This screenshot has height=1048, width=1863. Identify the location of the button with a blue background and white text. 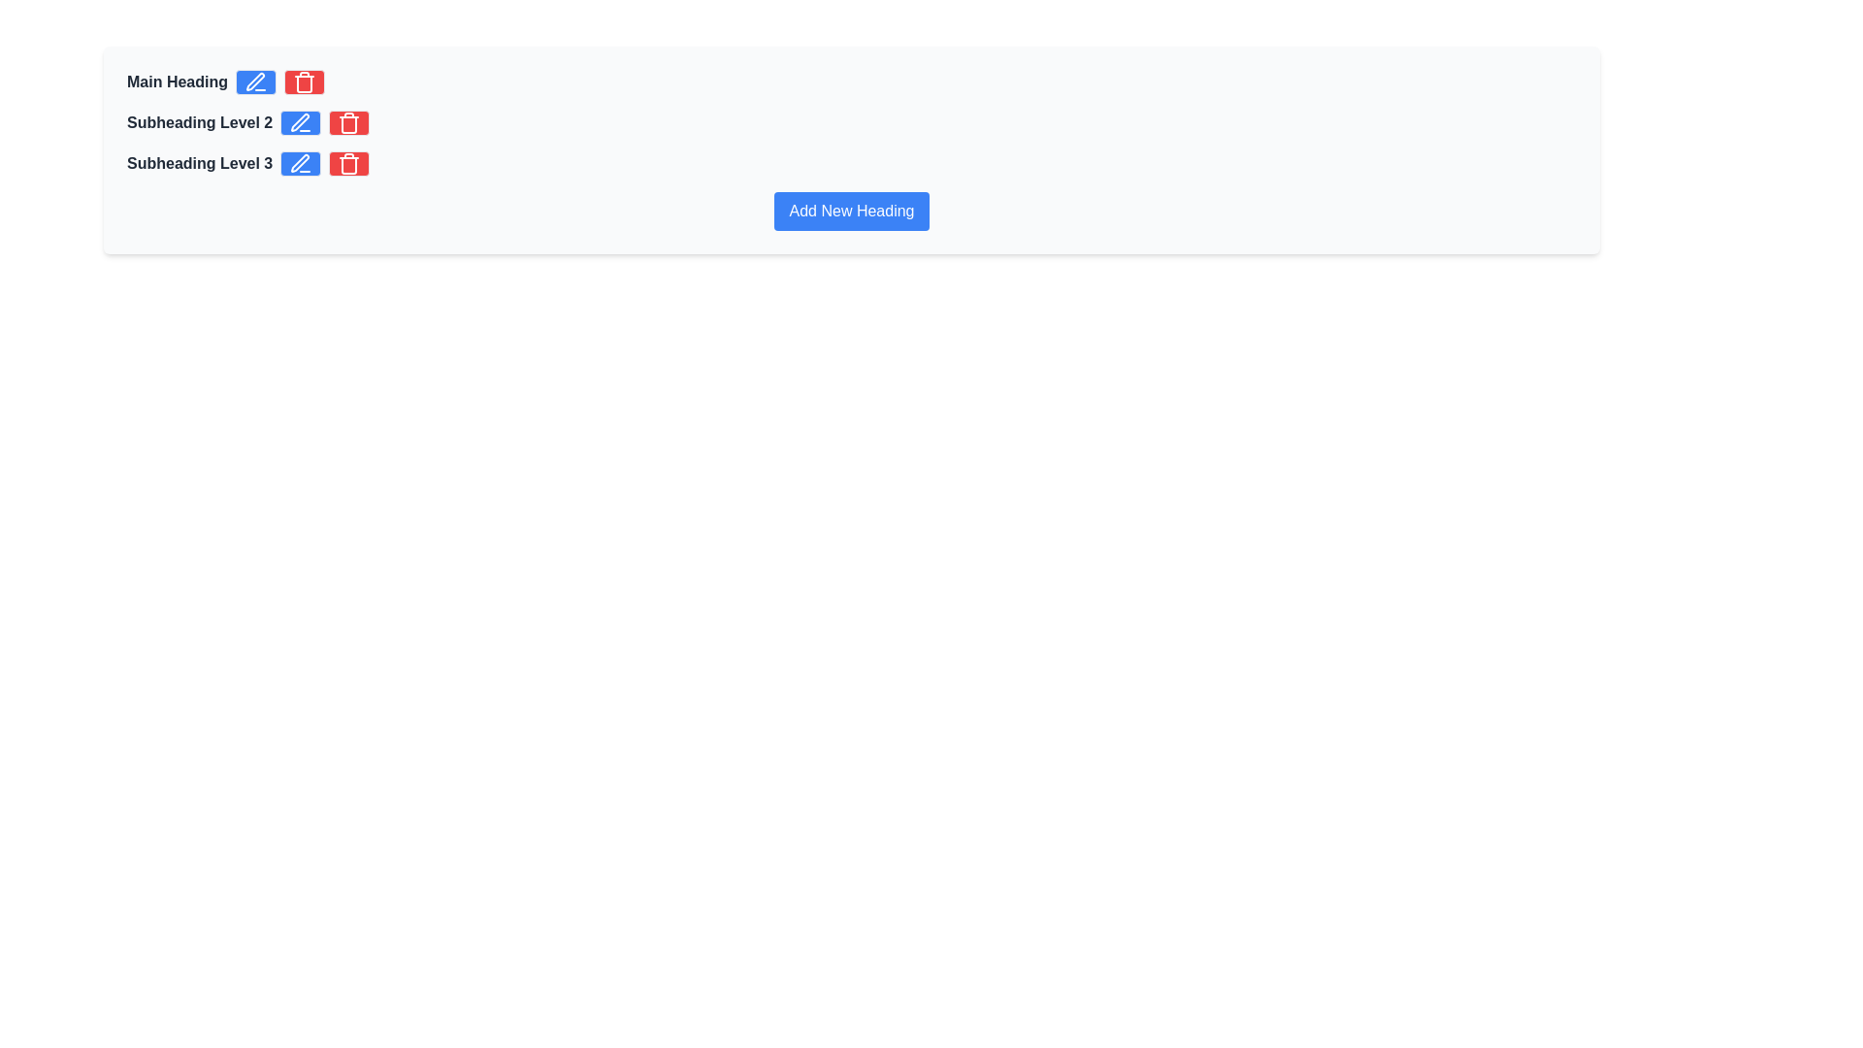
(255, 81).